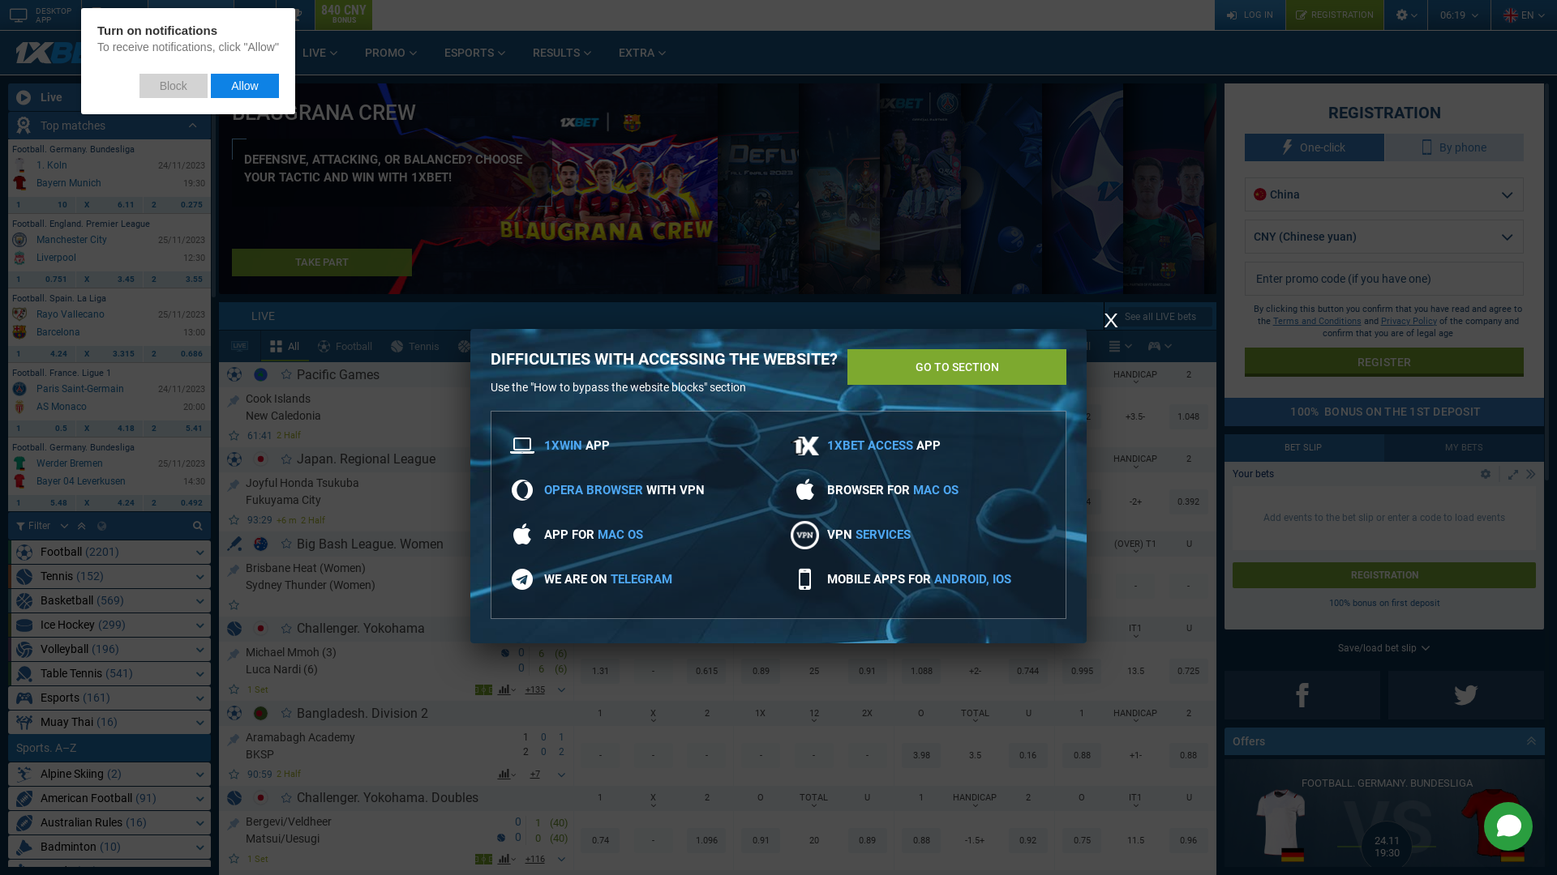  Describe the element at coordinates (19, 405) in the screenshot. I see `'AS Monaco. '` at that location.